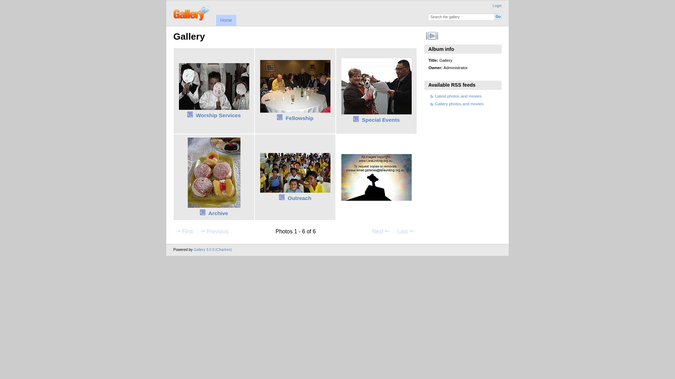  What do you see at coordinates (432, 35) in the screenshot?
I see `'View slideshow'` at bounding box center [432, 35].